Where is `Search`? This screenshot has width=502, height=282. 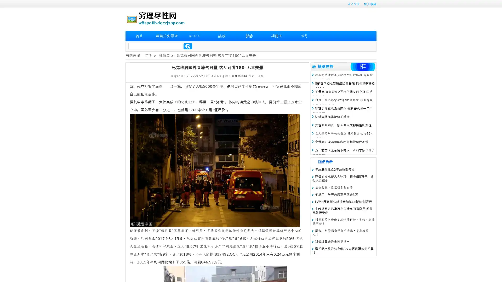
Search is located at coordinates (188, 46).